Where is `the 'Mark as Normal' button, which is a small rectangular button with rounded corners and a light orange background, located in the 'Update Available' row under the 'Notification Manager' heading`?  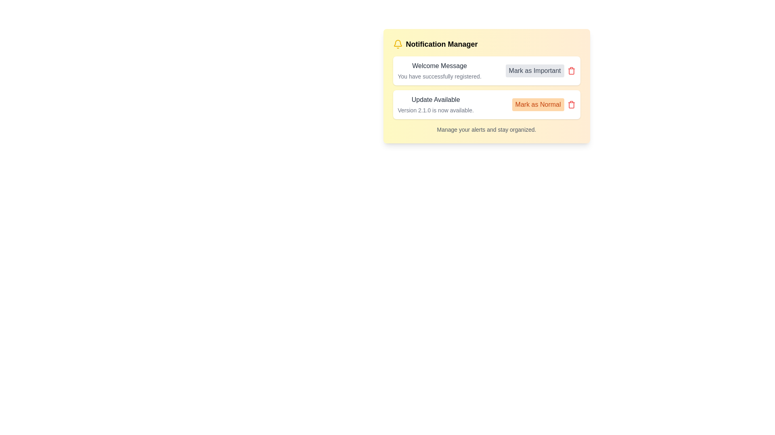
the 'Mark as Normal' button, which is a small rectangular button with rounded corners and a light orange background, located in the 'Update Available' row under the 'Notification Manager' heading is located at coordinates (538, 104).